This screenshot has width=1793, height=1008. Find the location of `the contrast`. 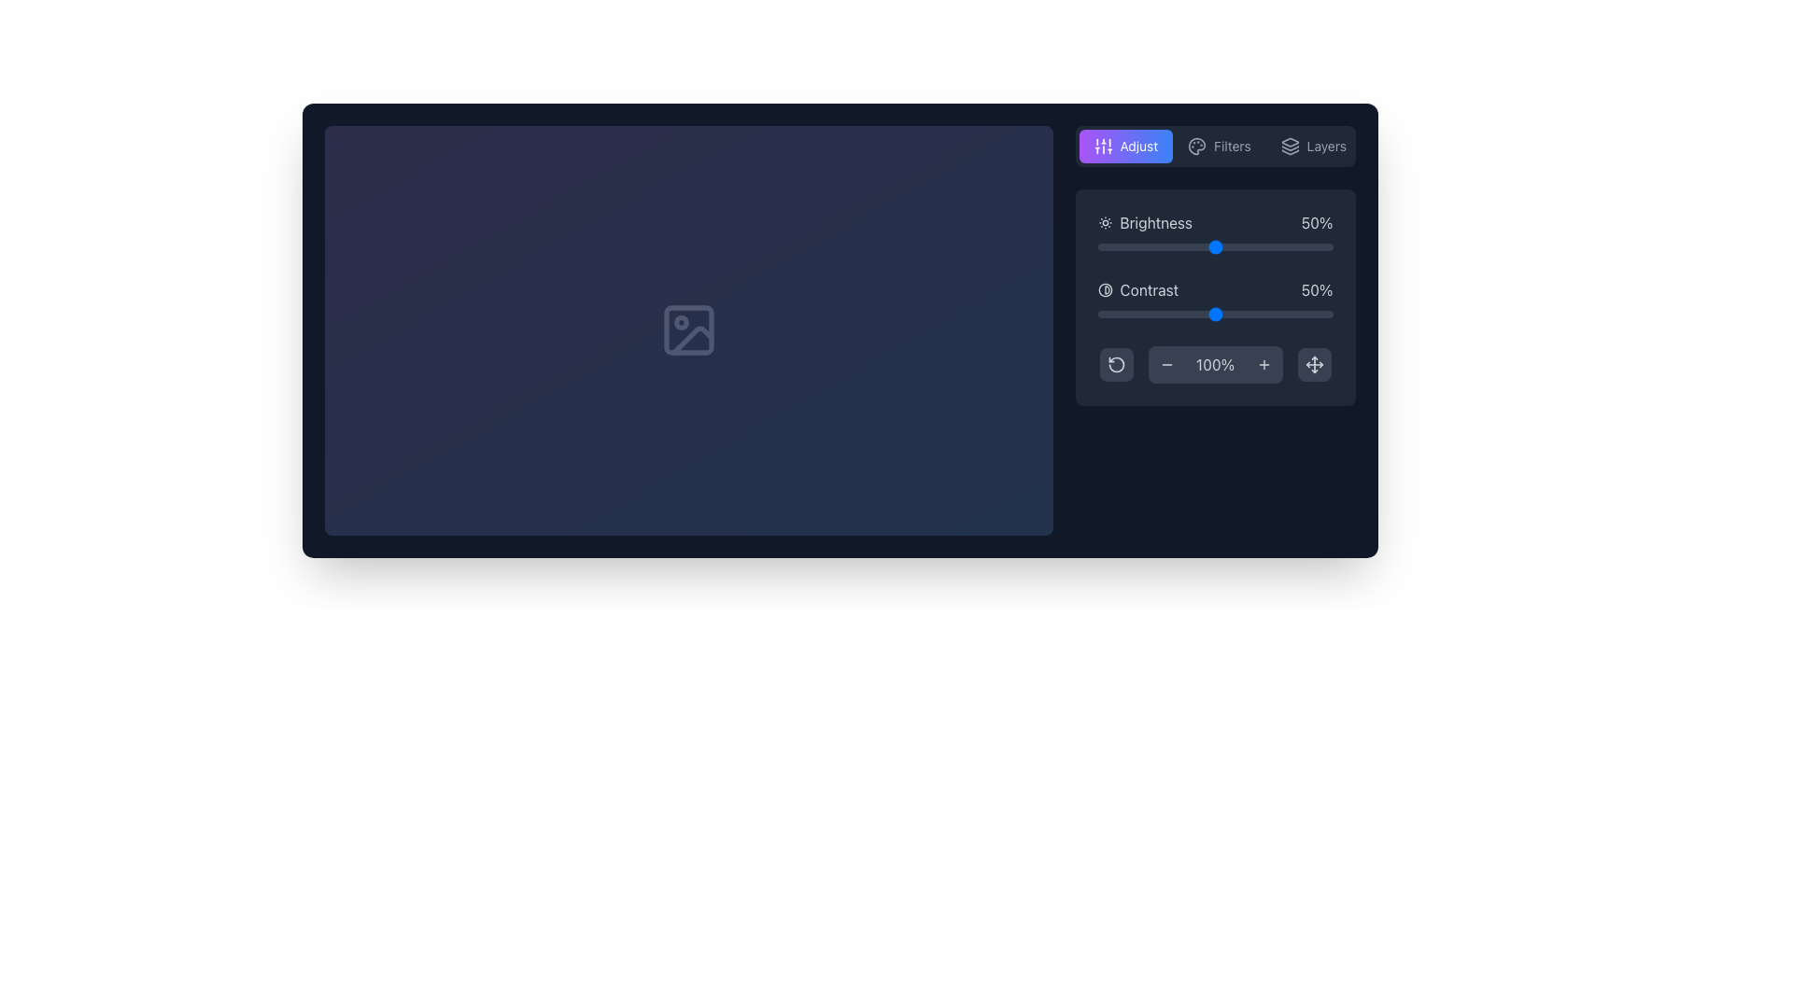

the contrast is located at coordinates (1100, 313).